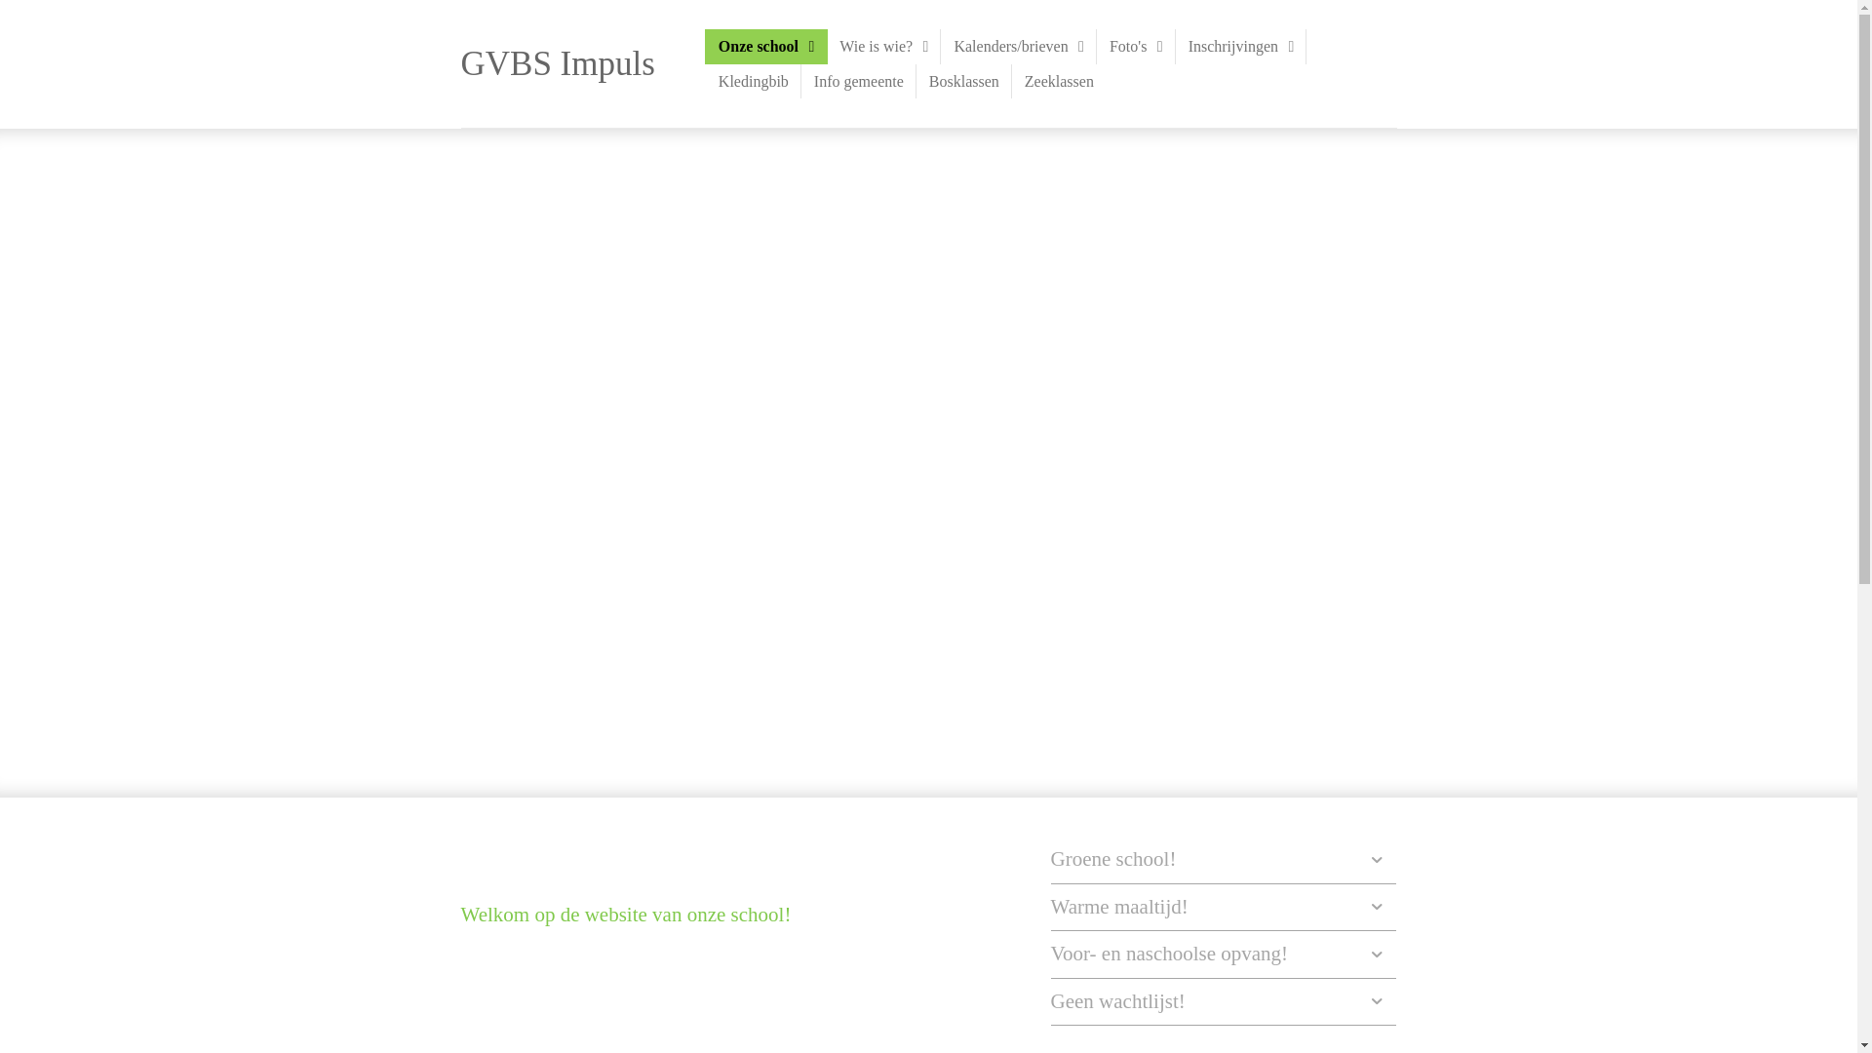  I want to click on 'Wie is wie?', so click(882, 45).